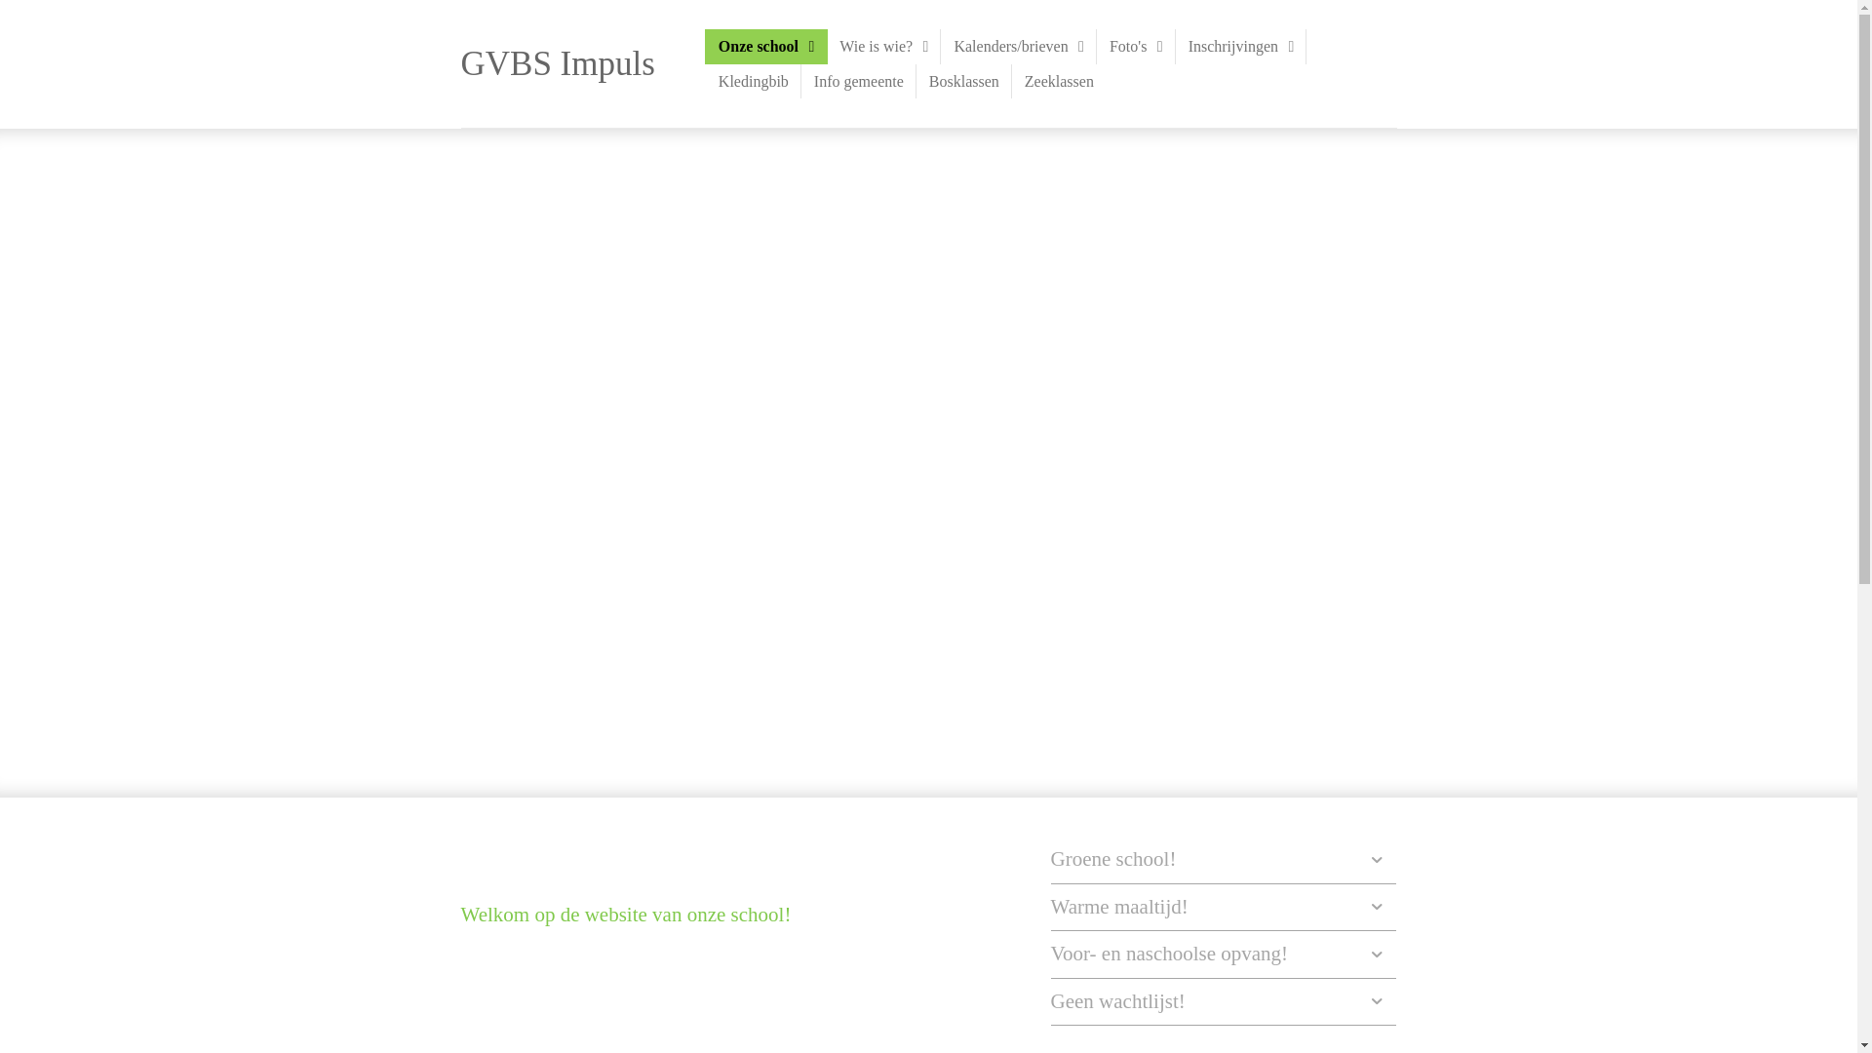  I want to click on 'Wie is wie?', so click(882, 45).